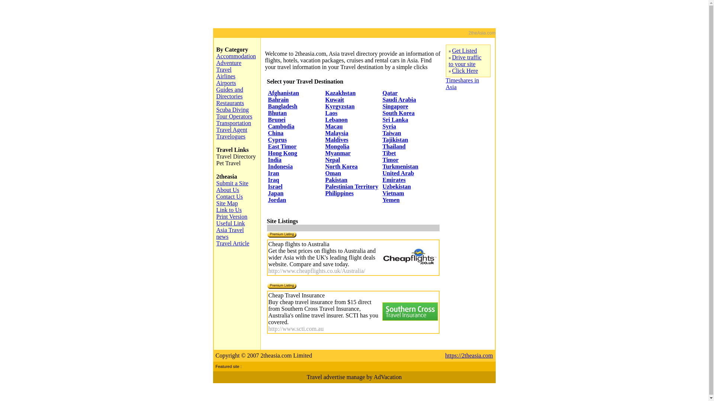 This screenshot has width=714, height=401. I want to click on 'Indonesia', so click(268, 166).